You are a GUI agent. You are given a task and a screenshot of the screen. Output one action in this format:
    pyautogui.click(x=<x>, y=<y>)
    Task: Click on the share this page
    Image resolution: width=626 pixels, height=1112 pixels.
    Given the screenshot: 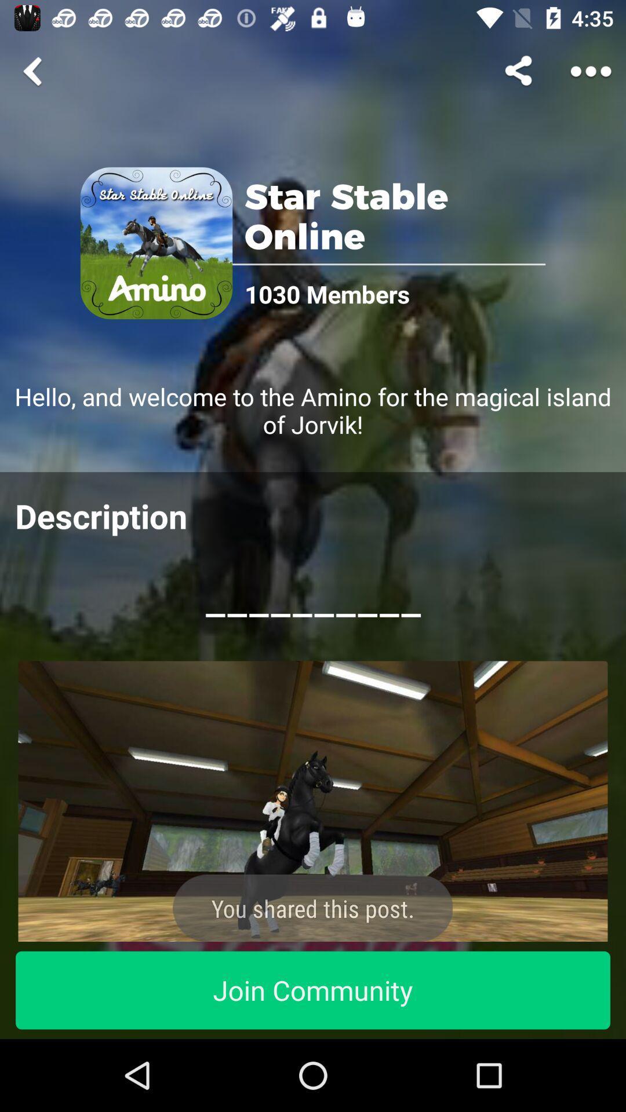 What is the action you would take?
    pyautogui.click(x=520, y=71)
    